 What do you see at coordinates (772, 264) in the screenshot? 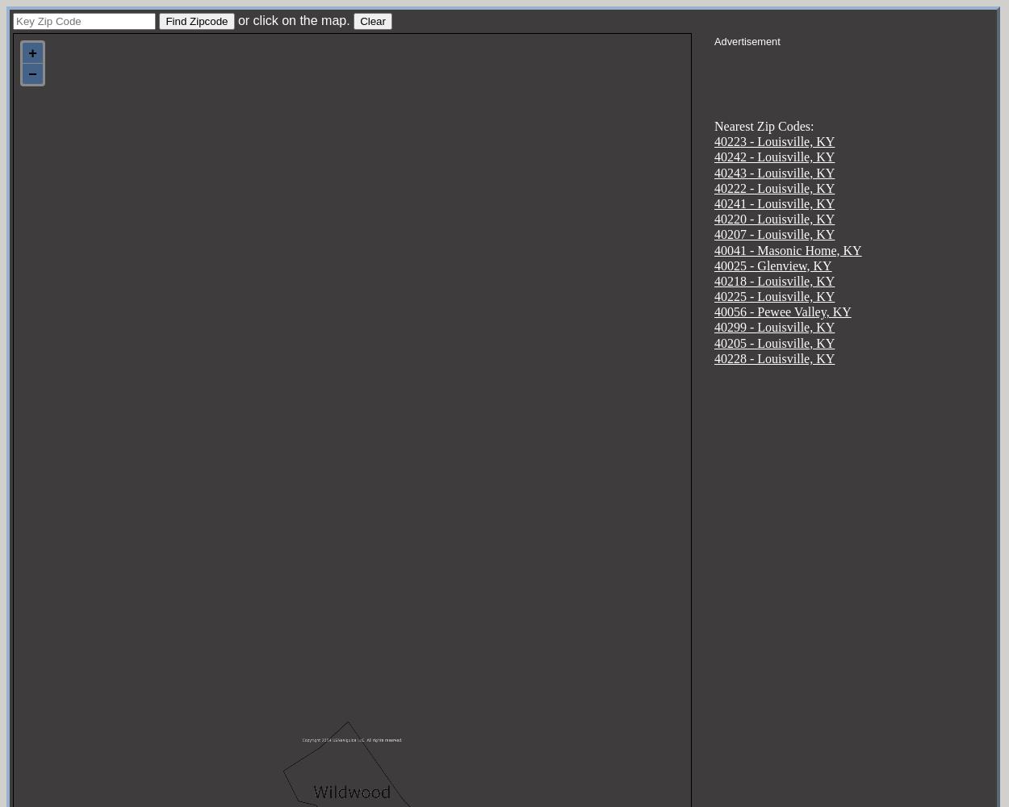
I see `'40025 - Glenview, KY'` at bounding box center [772, 264].